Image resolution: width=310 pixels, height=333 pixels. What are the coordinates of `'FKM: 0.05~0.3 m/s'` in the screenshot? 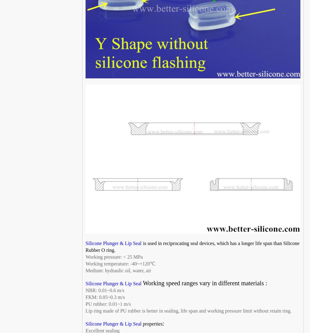 It's located at (105, 297).